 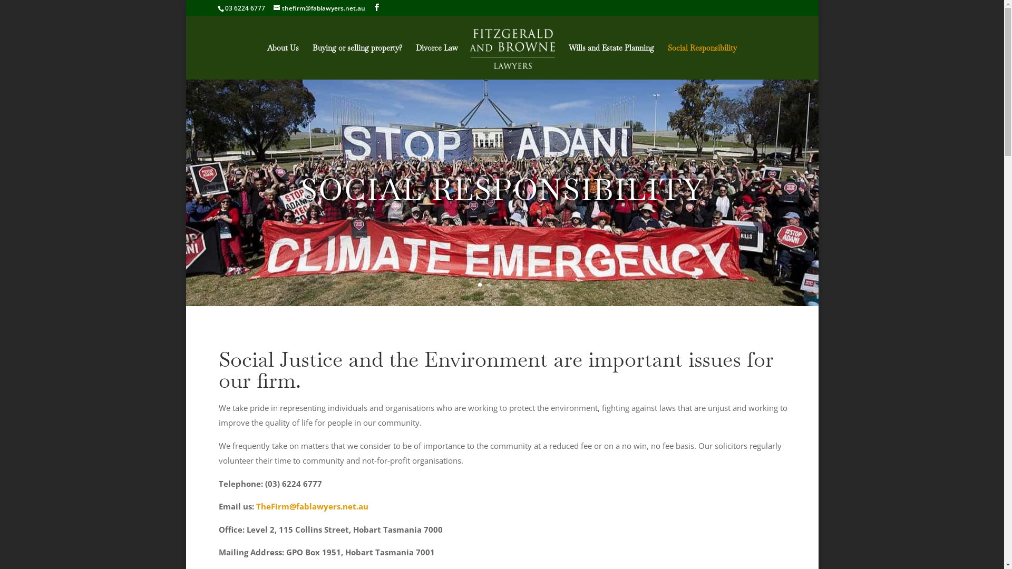 I want to click on 'Wills and Estate Planning', so click(x=568, y=62).